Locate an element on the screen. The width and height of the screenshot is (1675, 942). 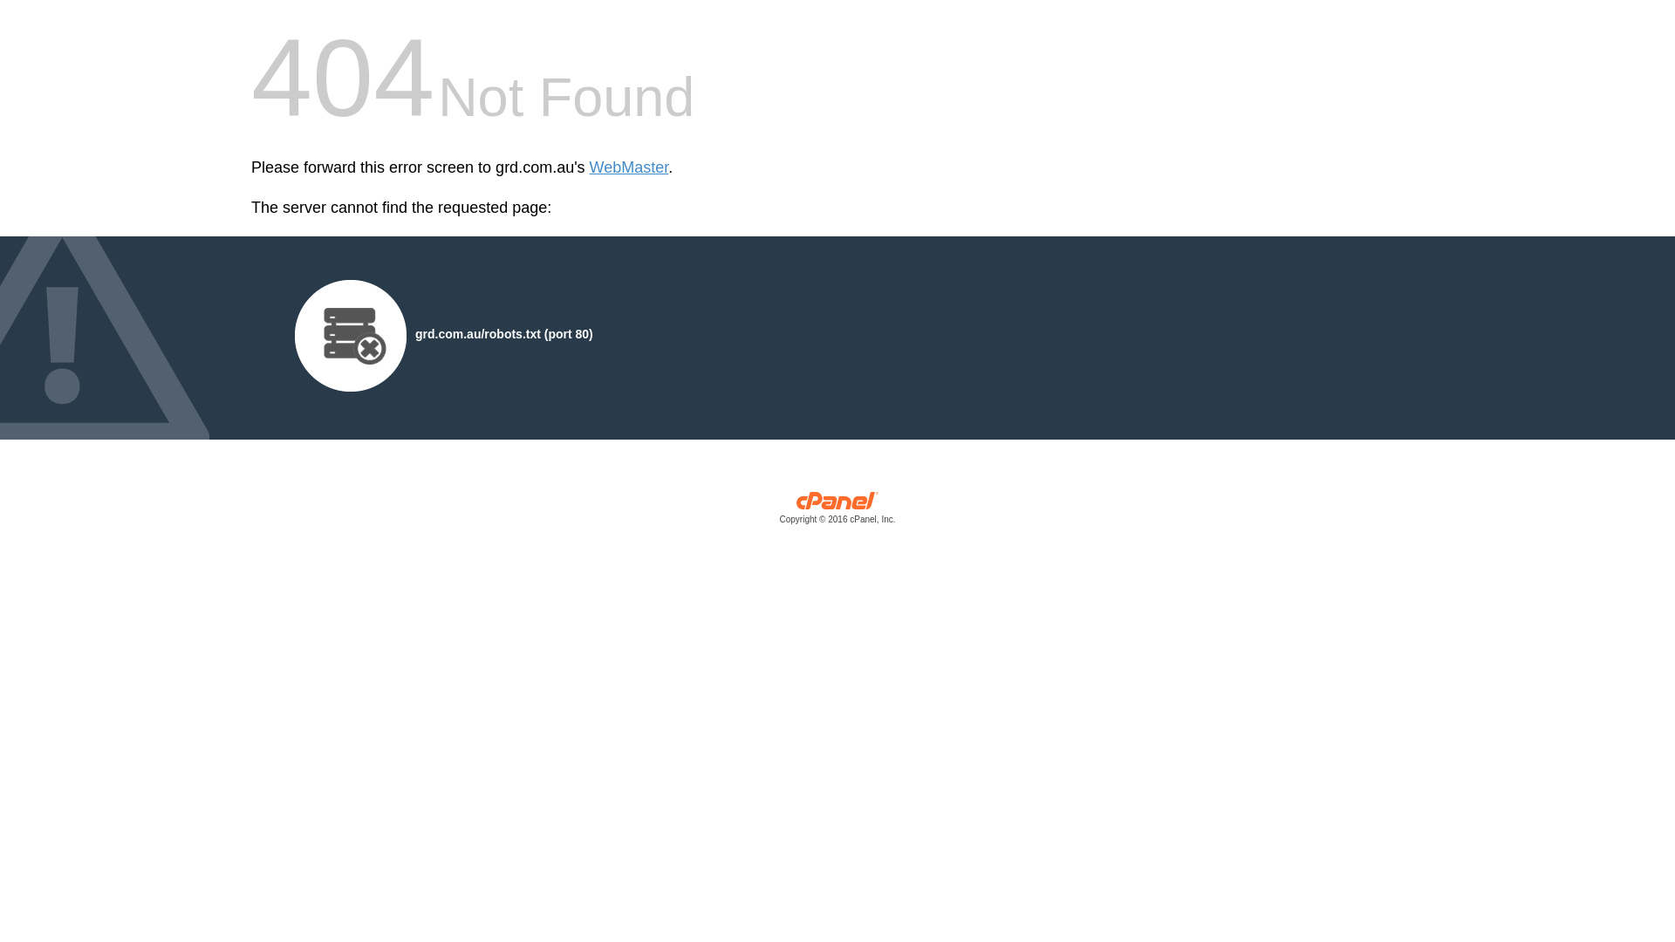
'WebMaster' is located at coordinates (590, 167).